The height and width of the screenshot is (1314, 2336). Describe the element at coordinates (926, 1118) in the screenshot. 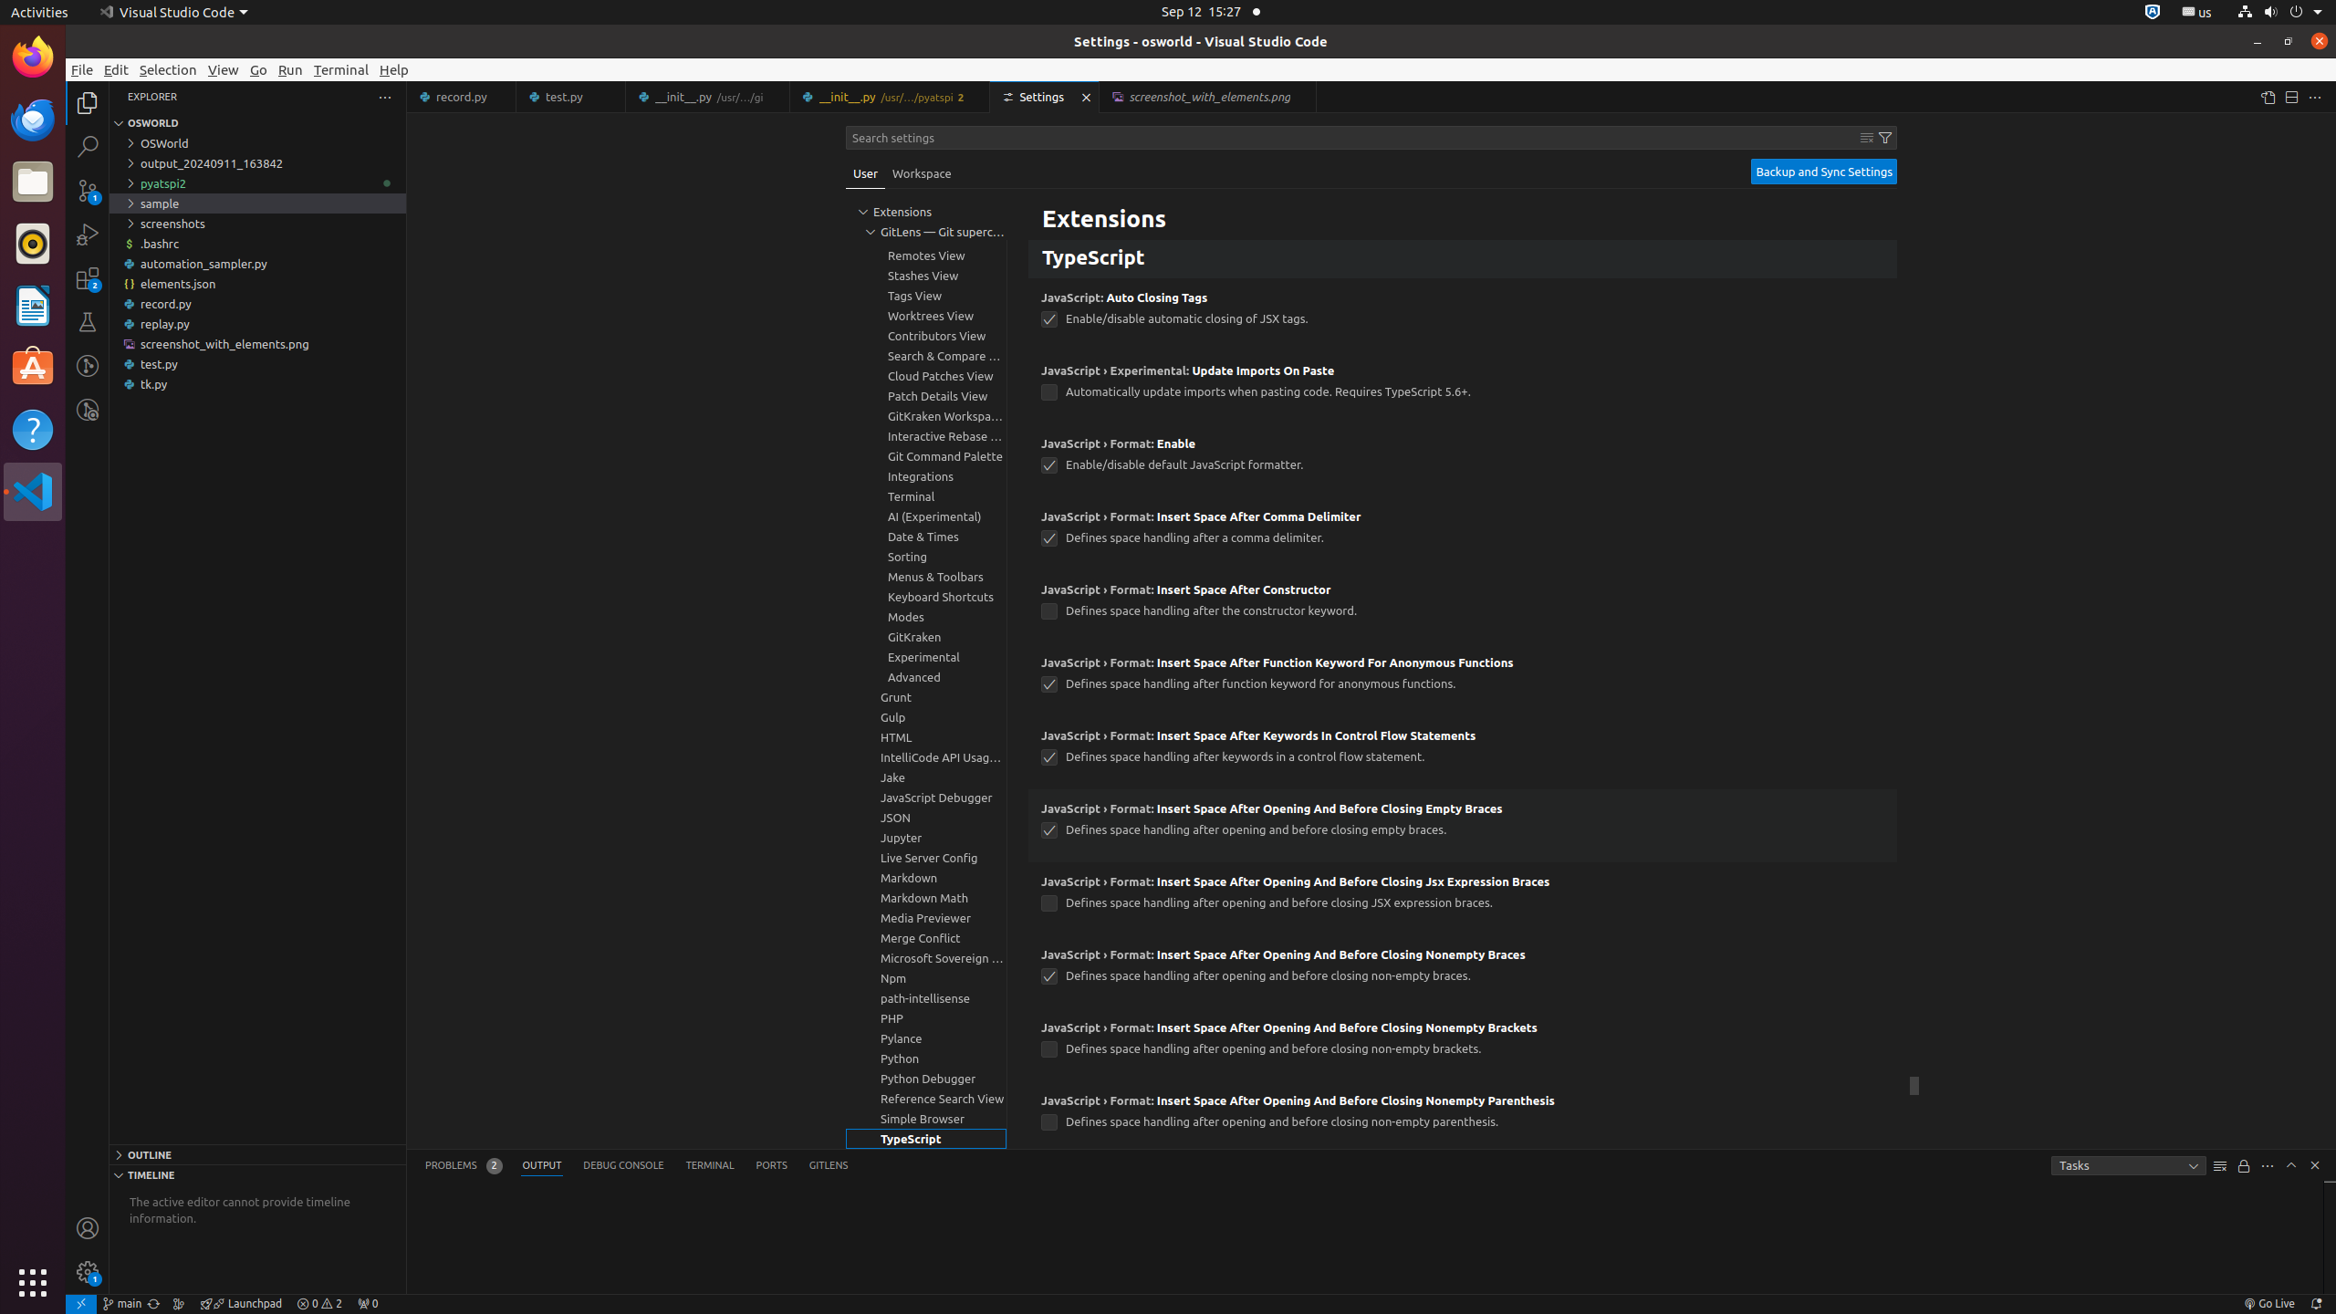

I see `'Simple Browser, group'` at that location.